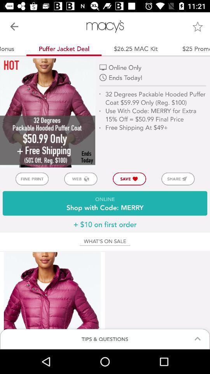 The height and width of the screenshot is (374, 210). I want to click on the icon to the left of share icon, so click(129, 179).